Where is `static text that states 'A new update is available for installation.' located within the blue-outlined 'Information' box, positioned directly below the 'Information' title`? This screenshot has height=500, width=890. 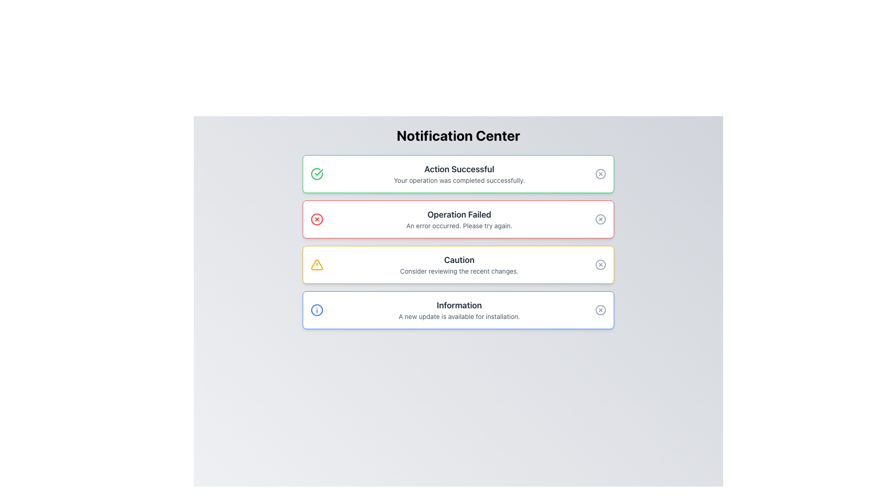 static text that states 'A new update is available for installation.' located within the blue-outlined 'Information' box, positioned directly below the 'Information' title is located at coordinates (459, 316).